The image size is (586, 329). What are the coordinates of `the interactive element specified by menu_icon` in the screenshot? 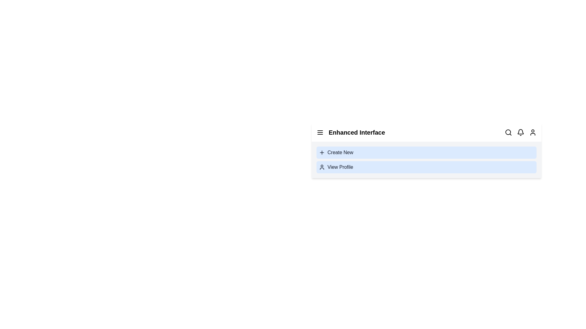 It's located at (320, 132).